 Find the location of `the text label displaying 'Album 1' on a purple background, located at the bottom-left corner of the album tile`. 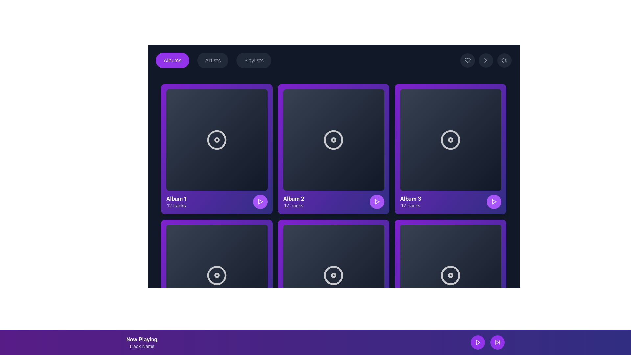

the text label displaying 'Album 1' on a purple background, located at the bottom-left corner of the album tile is located at coordinates (176, 201).